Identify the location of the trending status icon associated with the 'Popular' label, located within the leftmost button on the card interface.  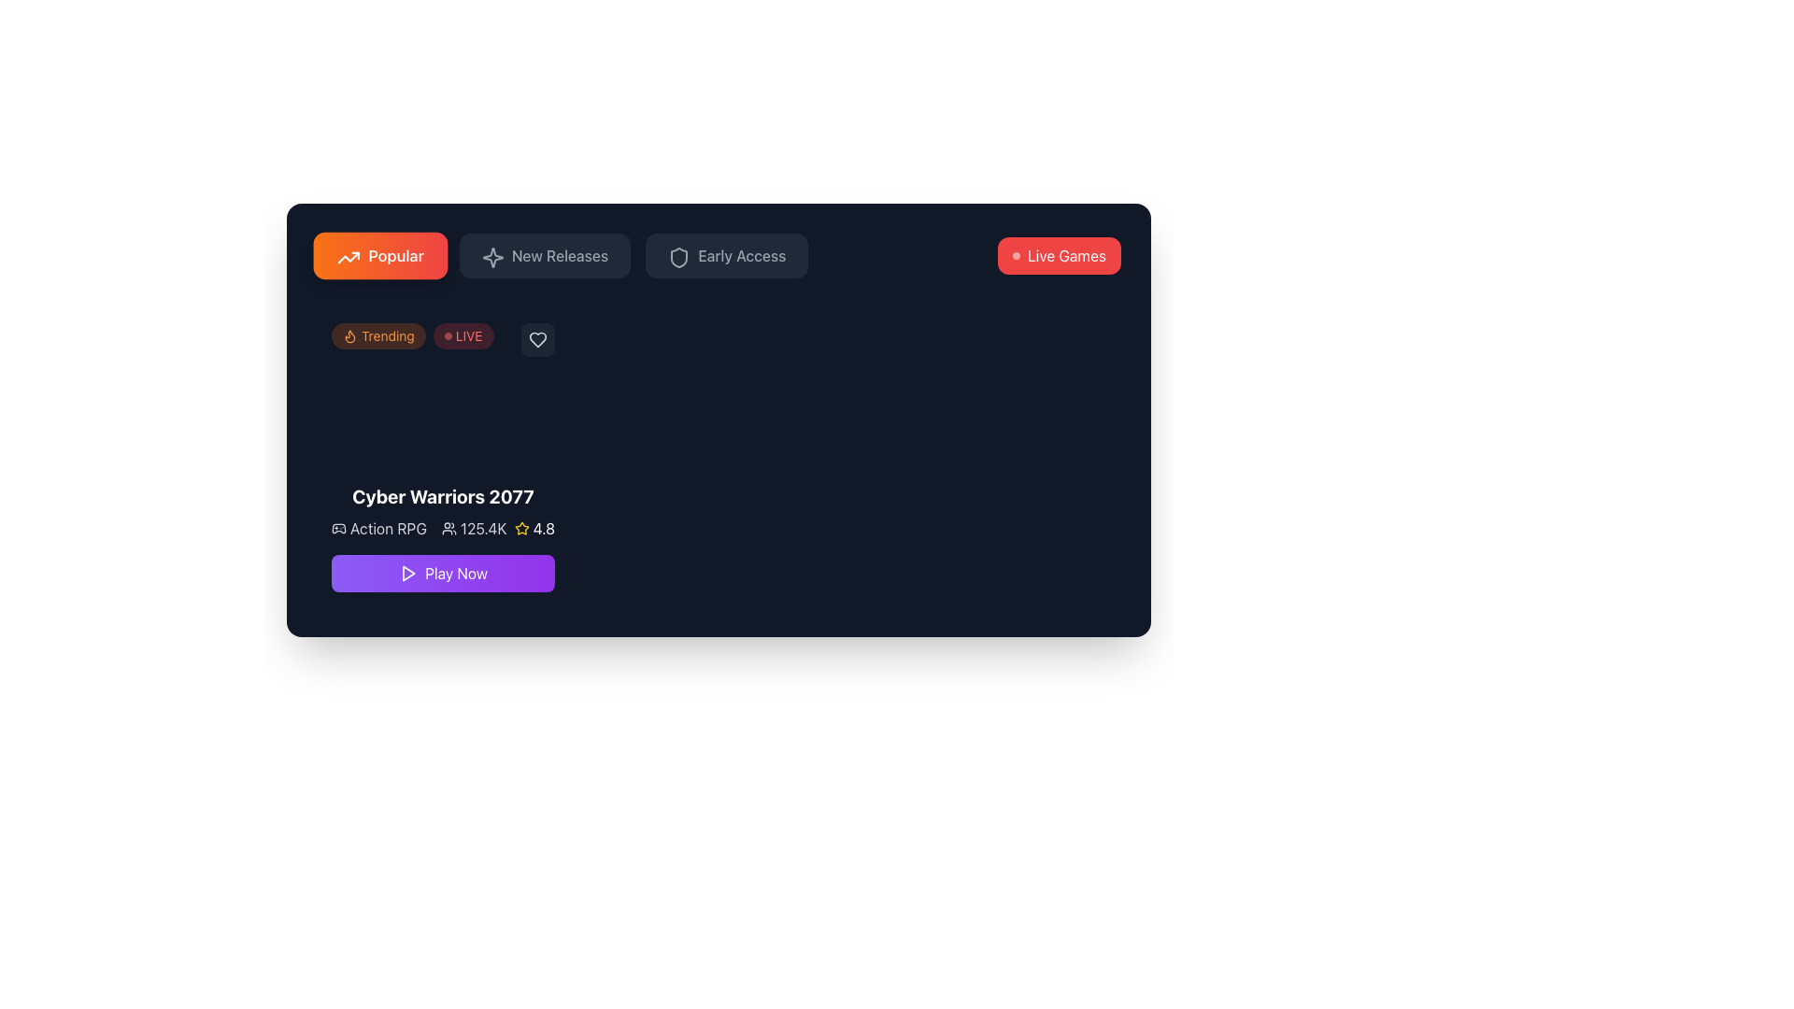
(347, 255).